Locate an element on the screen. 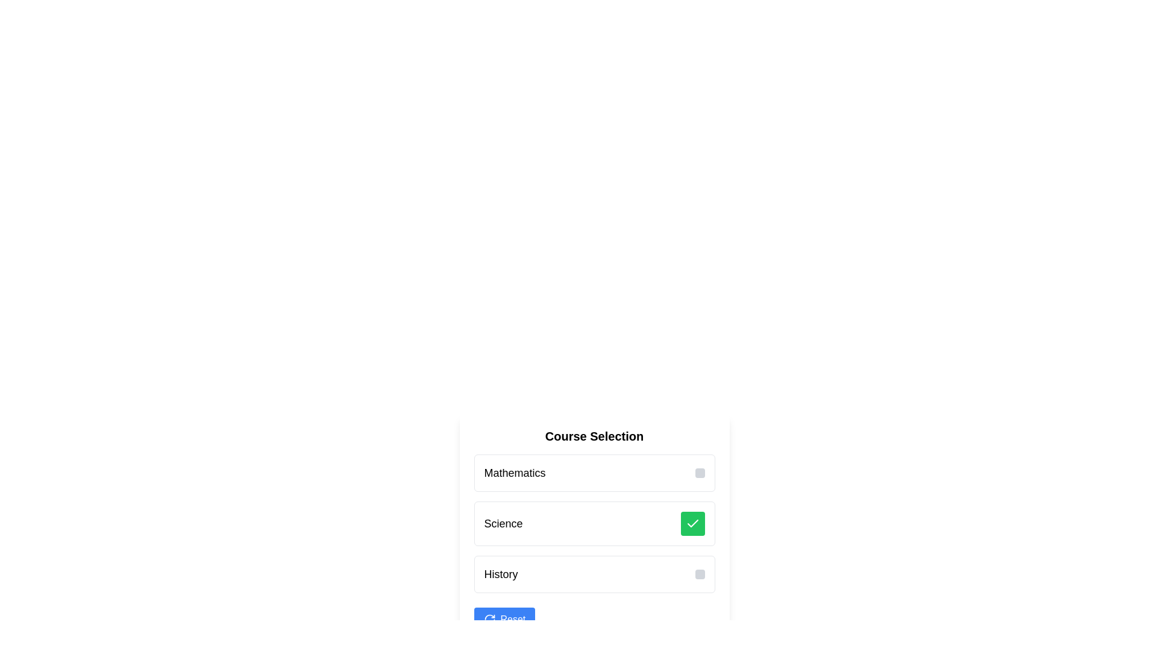 Image resolution: width=1157 pixels, height=651 pixels. the small, interactive button with a gray background located on the far right of the 'Mathematics' row is located at coordinates (700, 473).